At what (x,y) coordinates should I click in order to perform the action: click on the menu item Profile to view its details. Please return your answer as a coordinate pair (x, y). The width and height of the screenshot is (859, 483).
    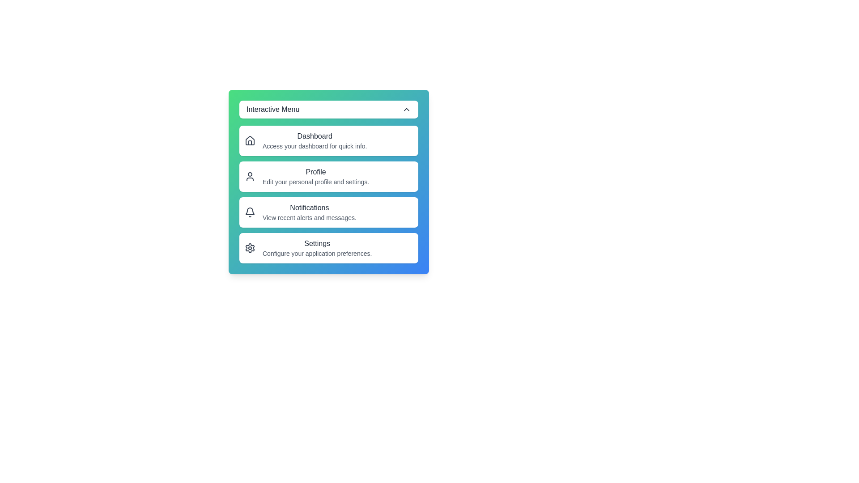
    Looking at the image, I should click on (328, 176).